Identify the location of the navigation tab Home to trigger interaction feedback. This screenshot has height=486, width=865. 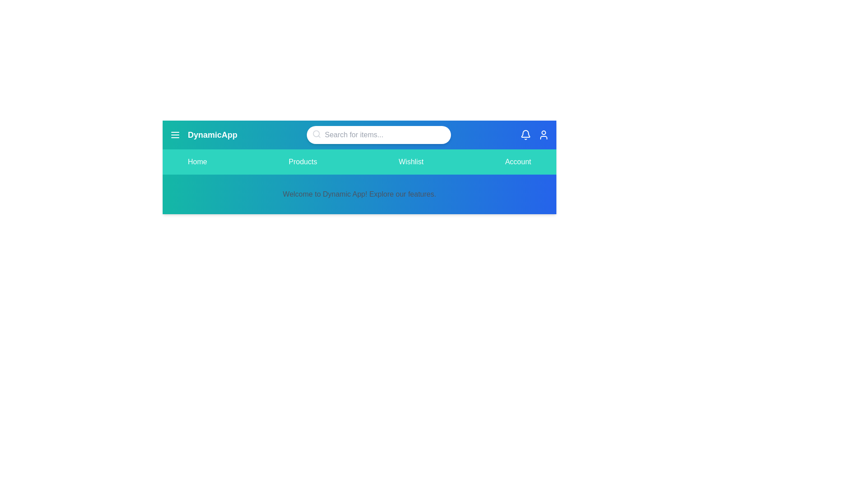
(196, 161).